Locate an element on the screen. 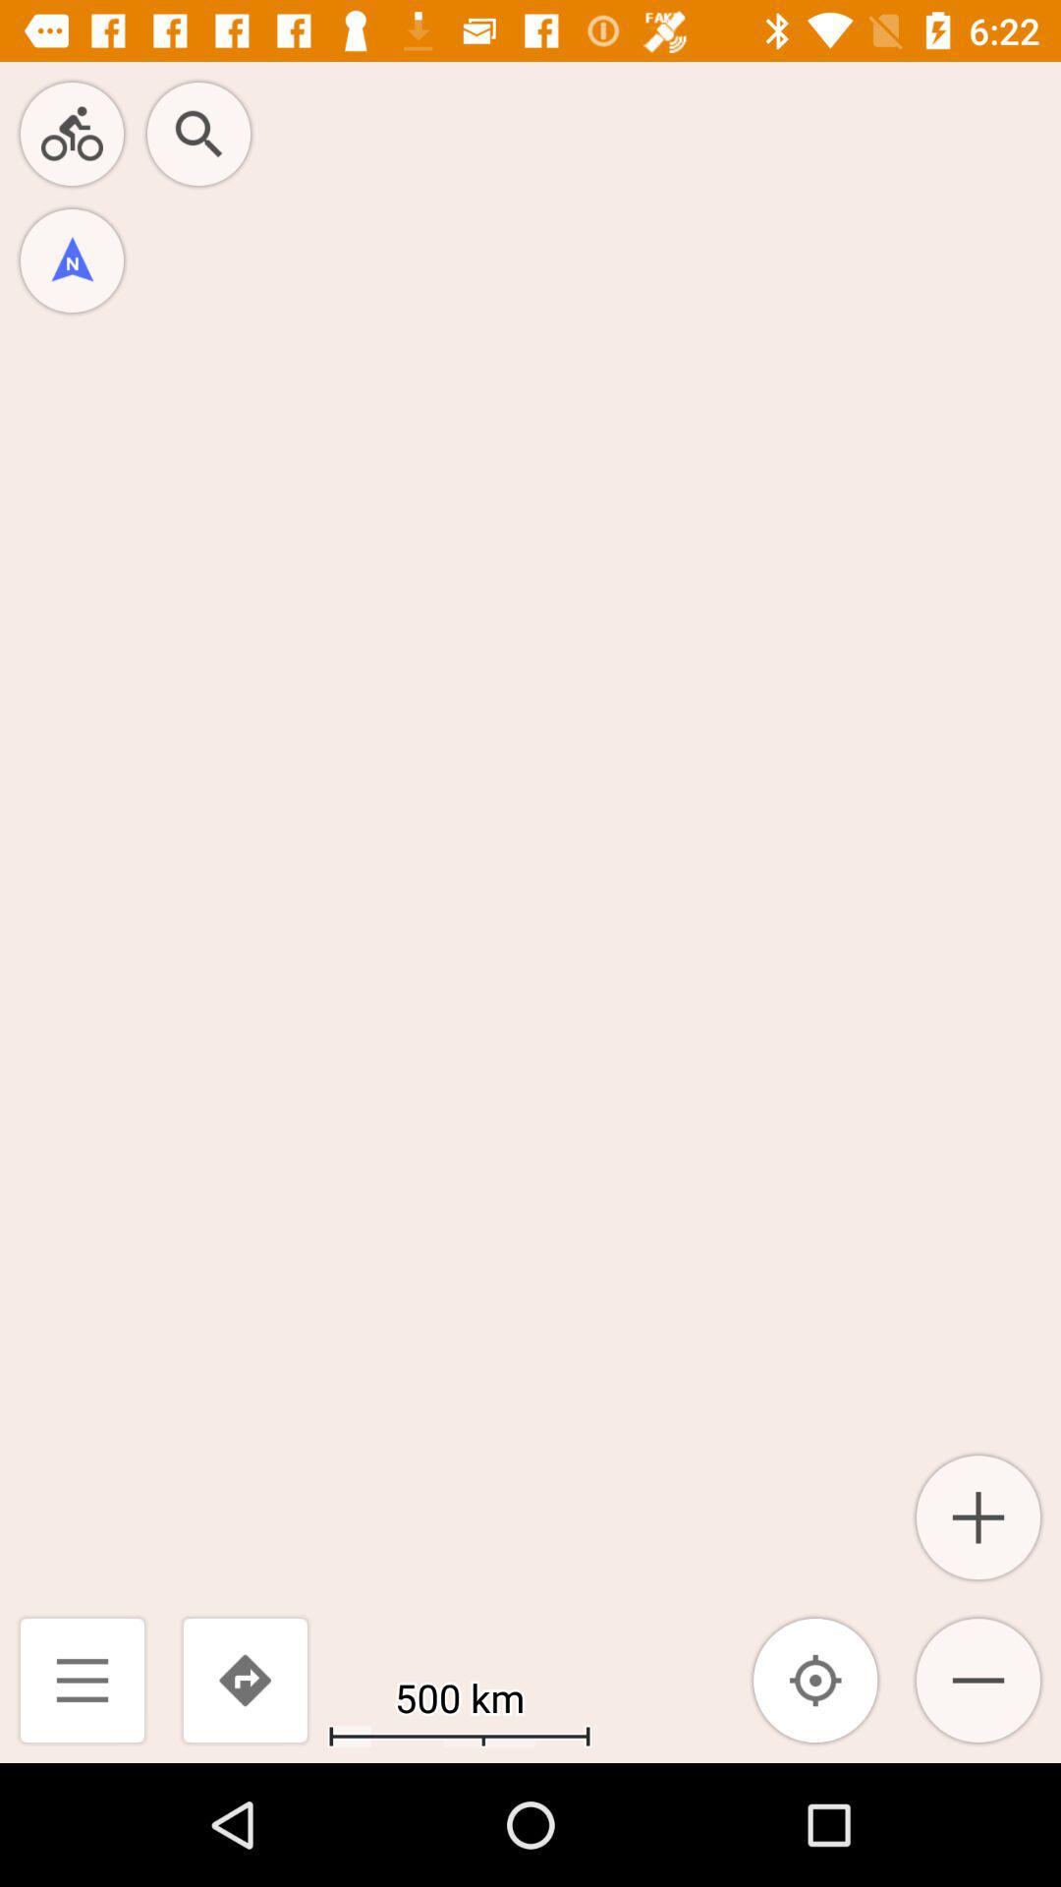 The image size is (1061, 1887). the menu icon is located at coordinates (82, 1679).